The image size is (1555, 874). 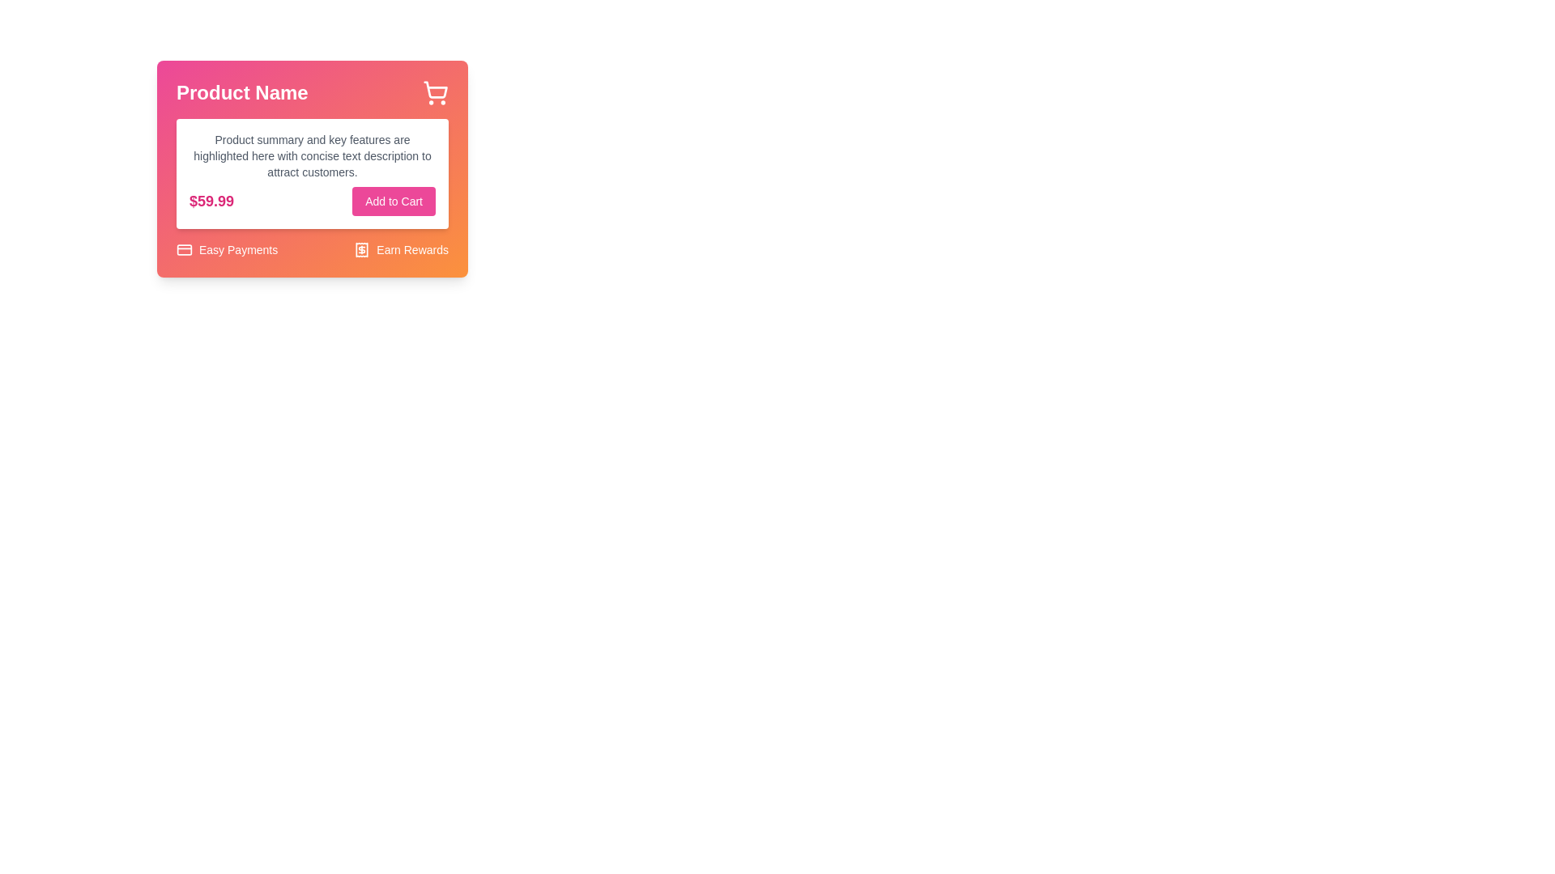 What do you see at coordinates (211, 201) in the screenshot?
I see `the price display element, which is located to the left of the 'Add to Cart' button` at bounding box center [211, 201].